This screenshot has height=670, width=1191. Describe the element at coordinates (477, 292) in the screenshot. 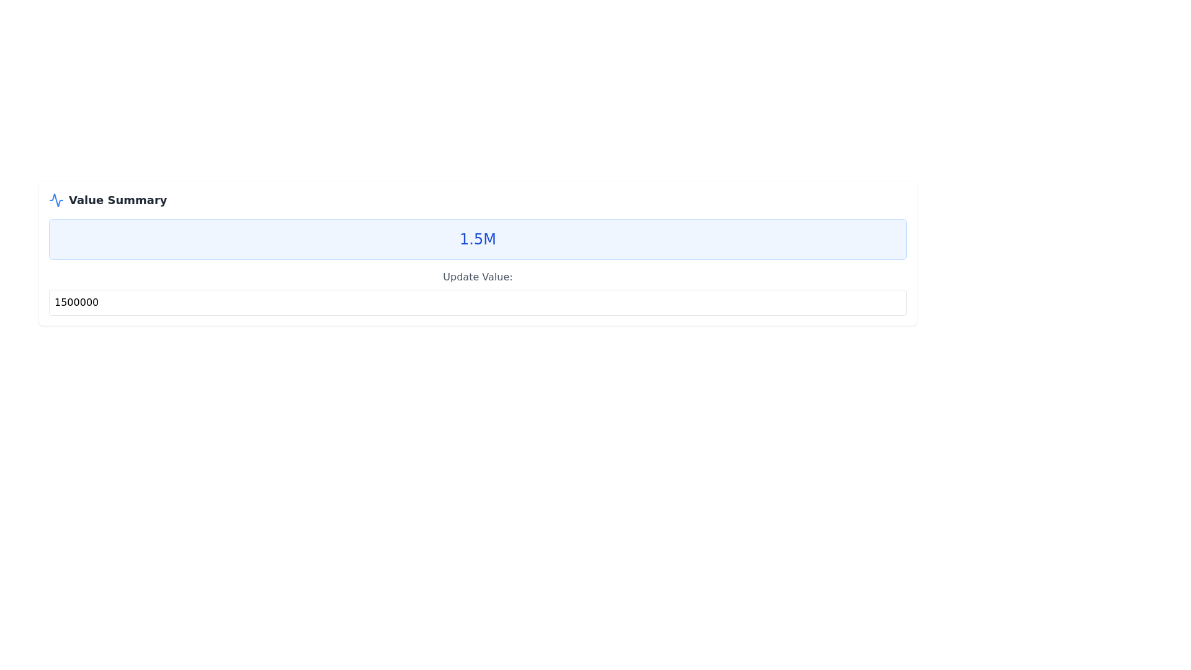

I see `the input field labeled 'Update Value:' to focus on it` at that location.